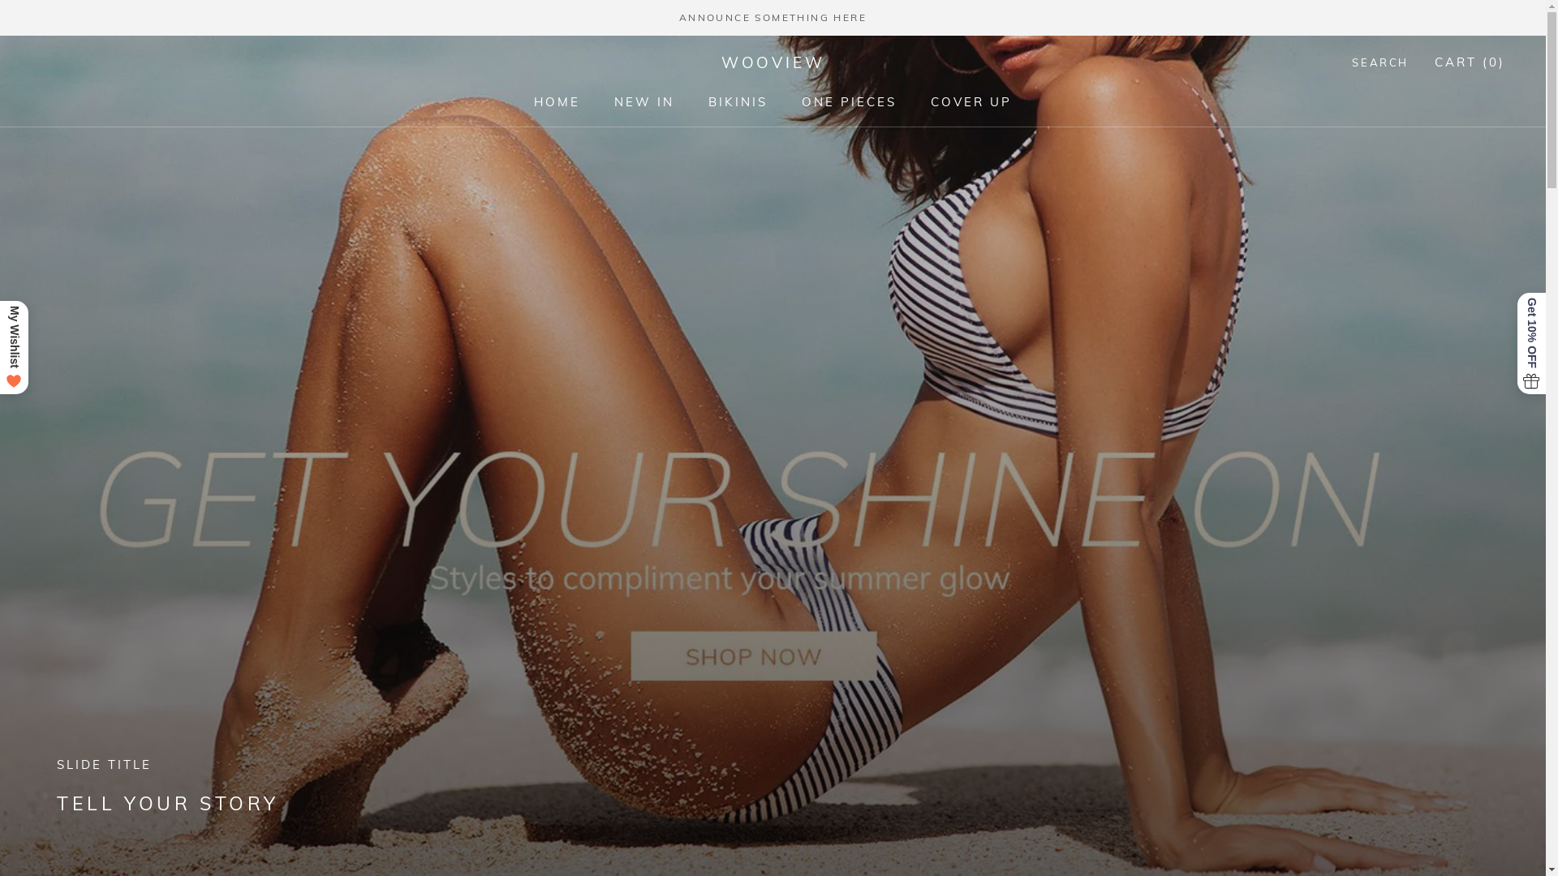  Describe the element at coordinates (737, 101) in the screenshot. I see `'BIKINIS` at that location.